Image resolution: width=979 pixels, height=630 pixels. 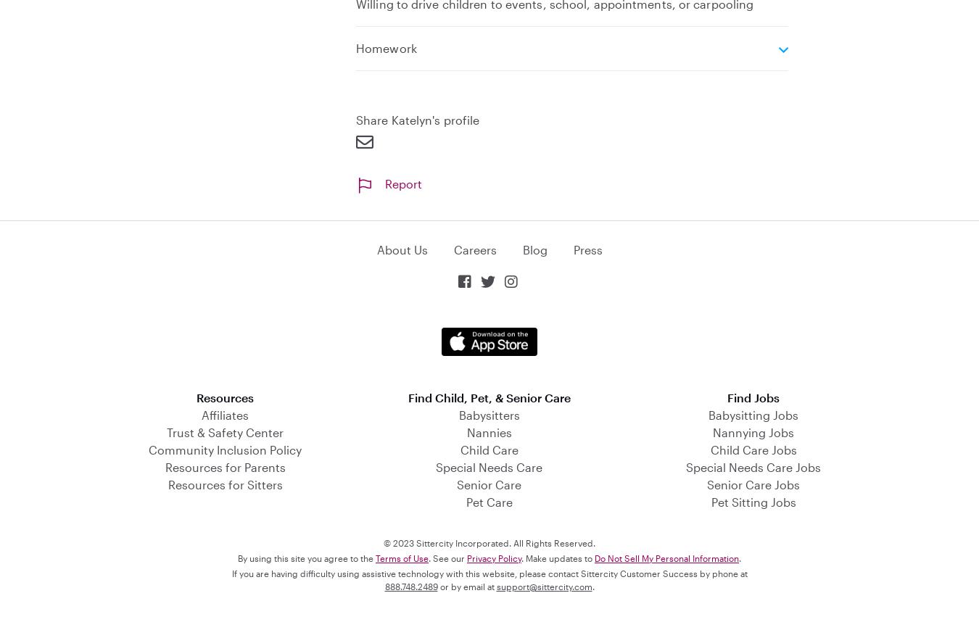 I want to click on 'Nannies', so click(x=489, y=431).